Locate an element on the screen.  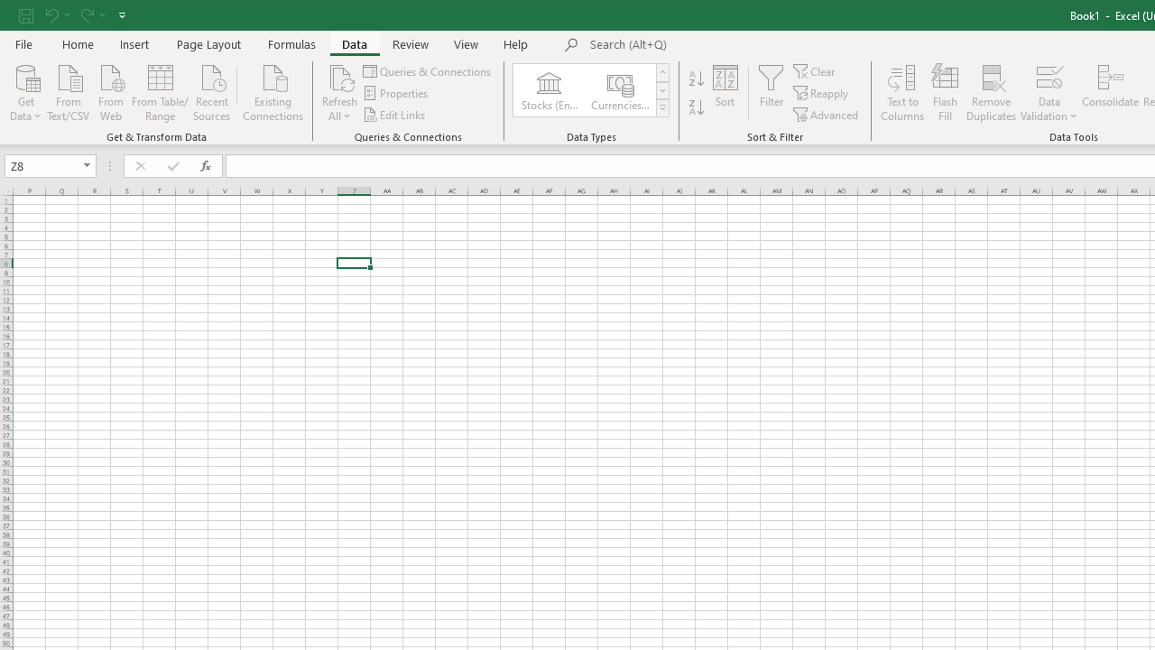
'Refresh All' is located at coordinates (339, 76).